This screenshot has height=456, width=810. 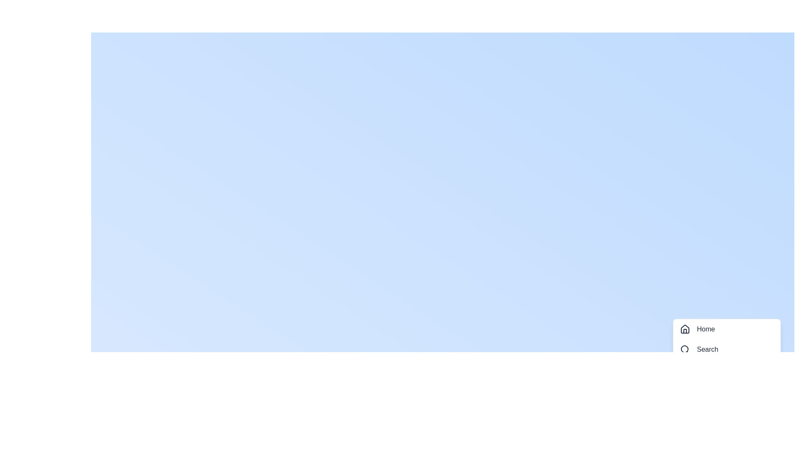 What do you see at coordinates (706, 328) in the screenshot?
I see `the text label that provides descriptive context for the adjacent home icon in the navigation item` at bounding box center [706, 328].